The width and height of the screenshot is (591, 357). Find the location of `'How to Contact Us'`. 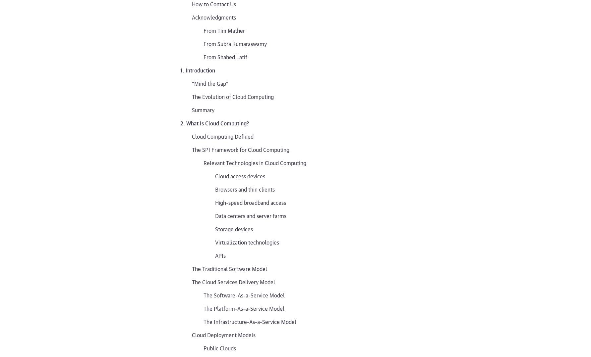

'How to Contact Us' is located at coordinates (214, 4).